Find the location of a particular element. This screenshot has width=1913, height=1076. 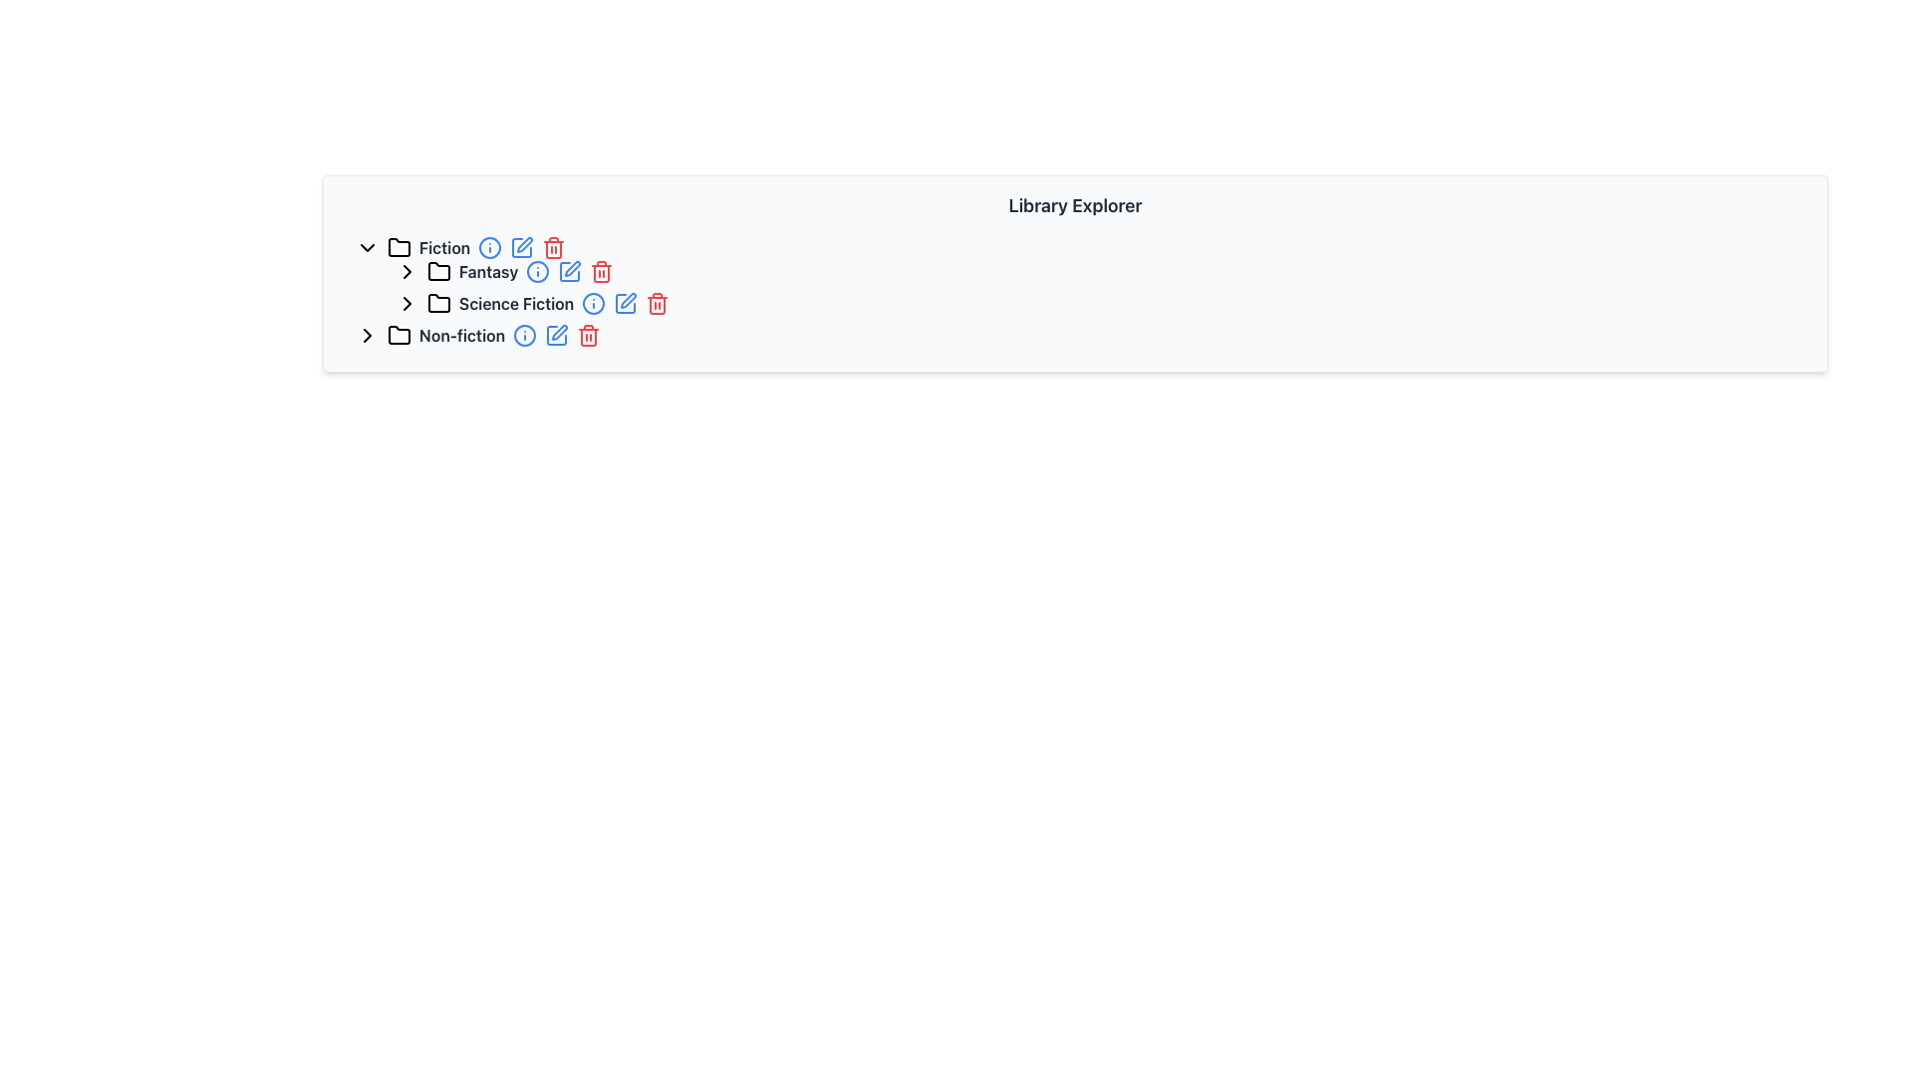

the first folder icon in the 'Fiction' category, which has a distinct rectangular design with a tab-like protrusion on top and a black outline is located at coordinates (399, 247).